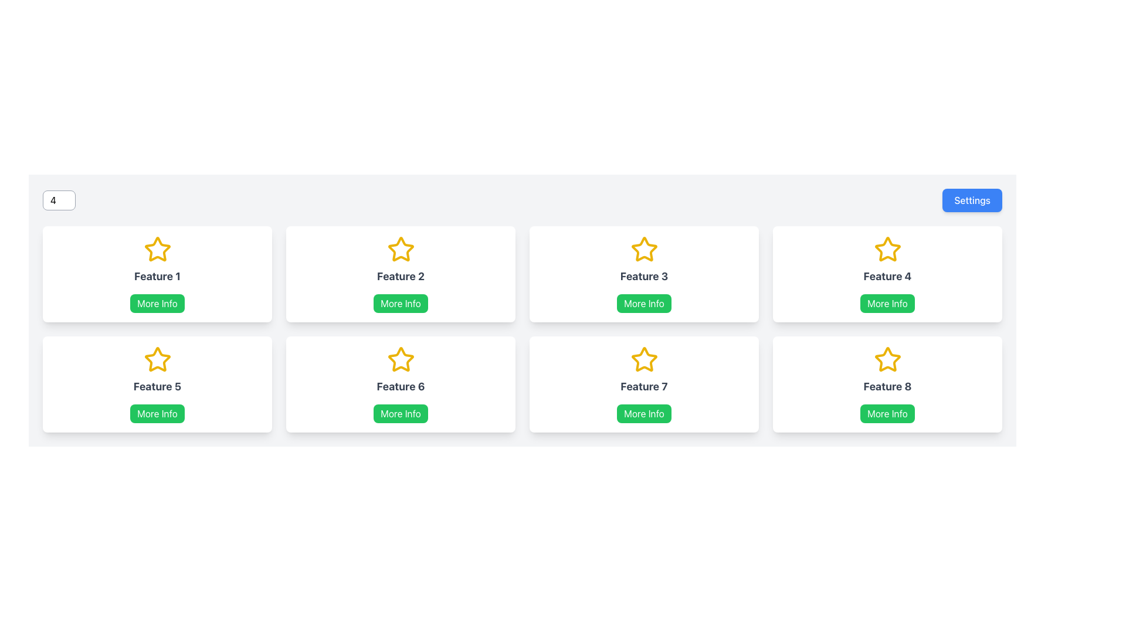  What do you see at coordinates (643, 359) in the screenshot?
I see `the star-shaped SVG icon with a yellow outline, which is centered in the card titled 'Feature 7'` at bounding box center [643, 359].